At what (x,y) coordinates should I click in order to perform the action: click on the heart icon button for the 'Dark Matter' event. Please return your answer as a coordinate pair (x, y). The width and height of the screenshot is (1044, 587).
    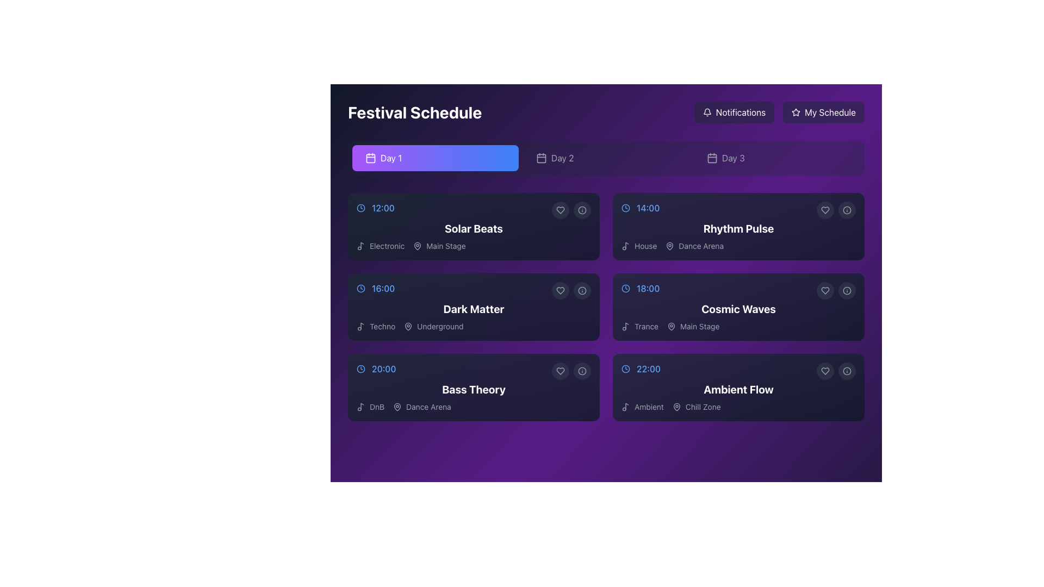
    Looking at the image, I should click on (561, 290).